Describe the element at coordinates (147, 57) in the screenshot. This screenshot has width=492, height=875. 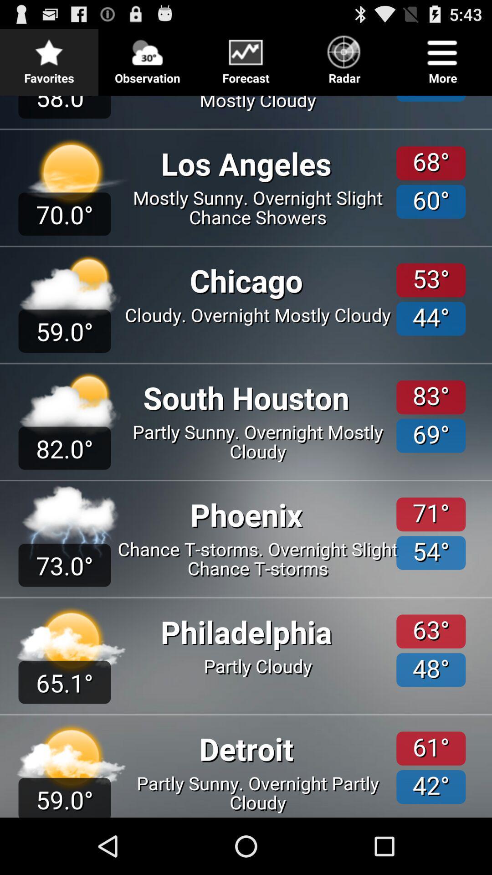
I see `the button next to the forecast item` at that location.